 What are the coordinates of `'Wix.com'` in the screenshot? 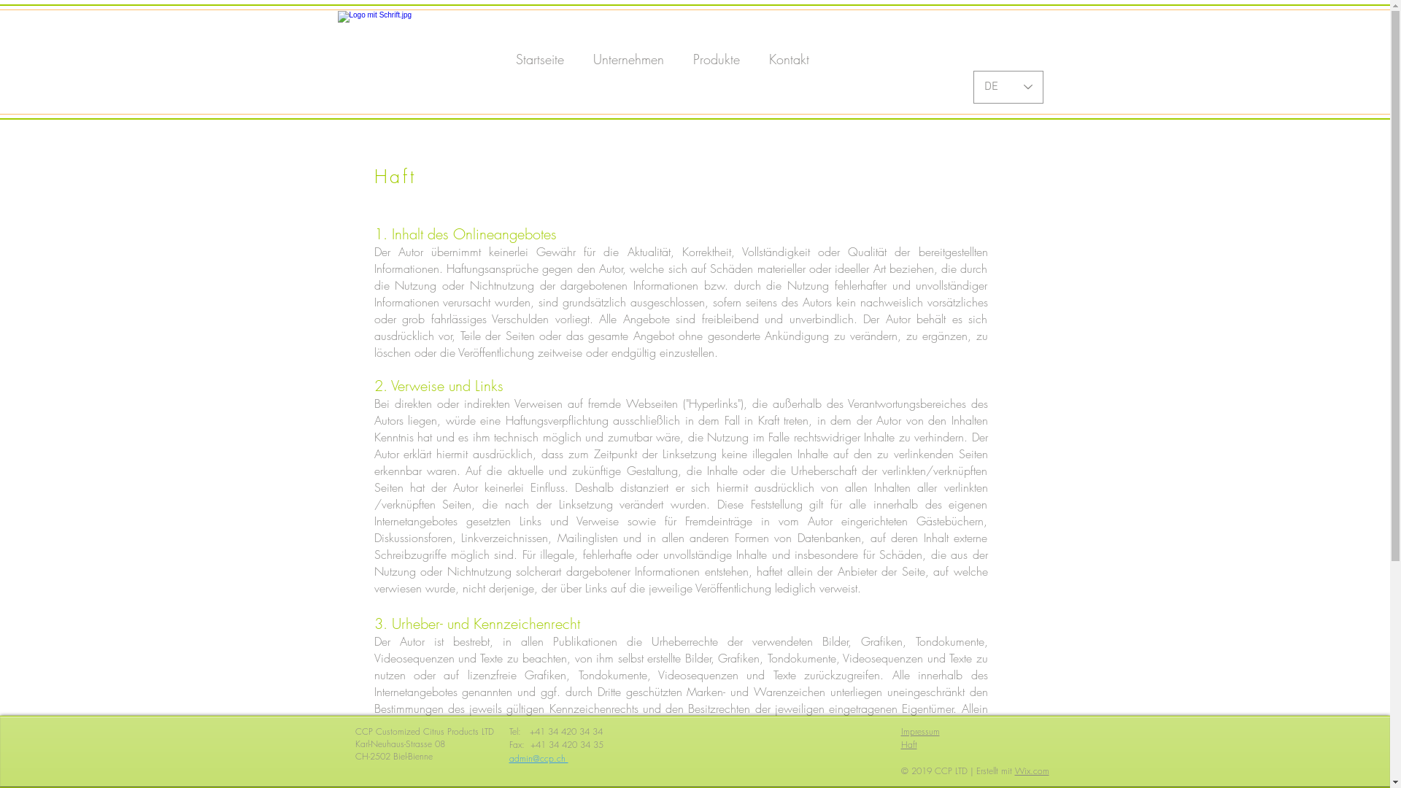 It's located at (1030, 770).